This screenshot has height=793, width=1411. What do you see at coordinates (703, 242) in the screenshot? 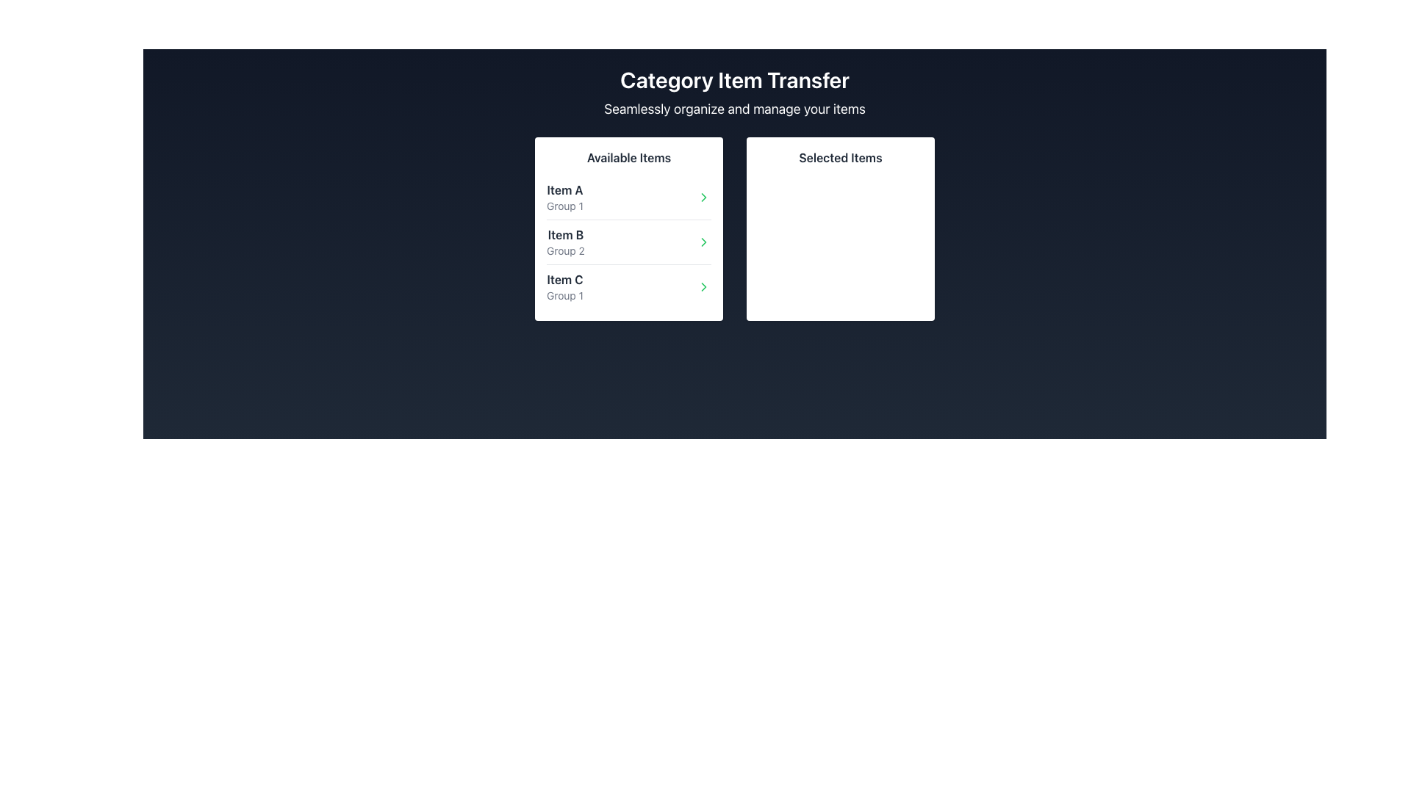
I see `the interactive Chevron Icon located to the right of 'Item B Group 2' in the 'Available Items' section` at bounding box center [703, 242].